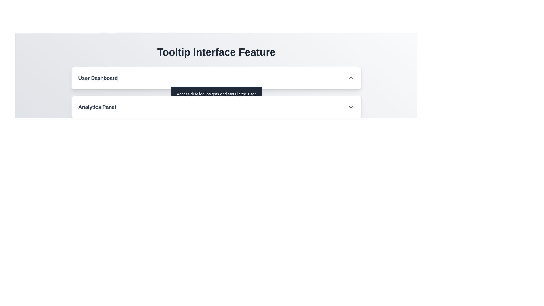  What do you see at coordinates (216, 97) in the screenshot?
I see `displayed text of the dark gray tooltip with white text that says 'Access detailed insights and stats in the user dashboard.', which is positioned above the 'Analytics Panel'` at bounding box center [216, 97].